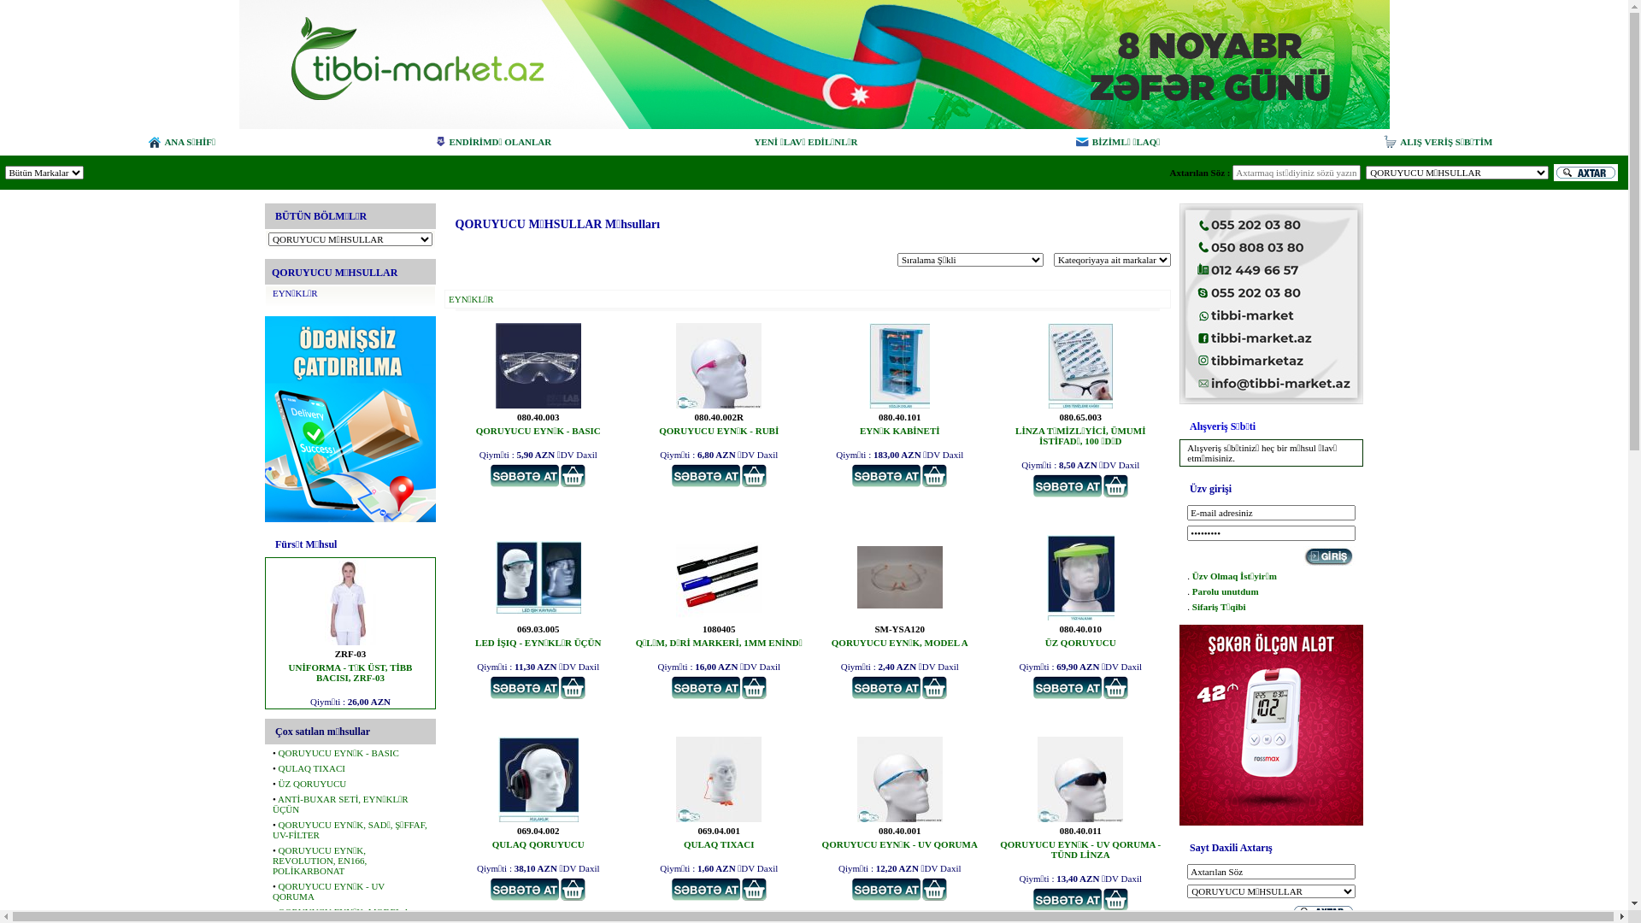 The image size is (1641, 923). Describe the element at coordinates (1225, 590) in the screenshot. I see `'Parolu unutdum'` at that location.